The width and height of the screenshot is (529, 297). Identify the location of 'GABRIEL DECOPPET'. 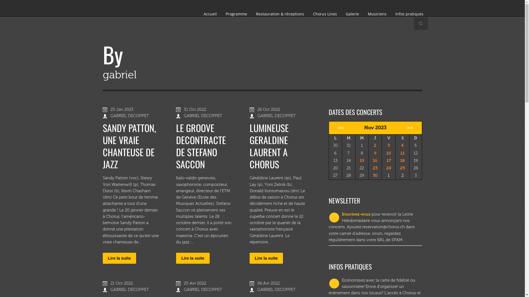
(203, 116).